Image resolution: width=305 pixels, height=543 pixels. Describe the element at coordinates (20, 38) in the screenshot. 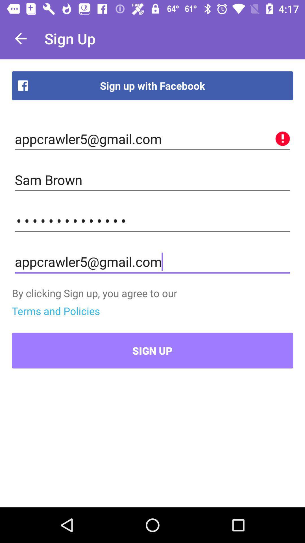

I see `icon above the sign up with item` at that location.